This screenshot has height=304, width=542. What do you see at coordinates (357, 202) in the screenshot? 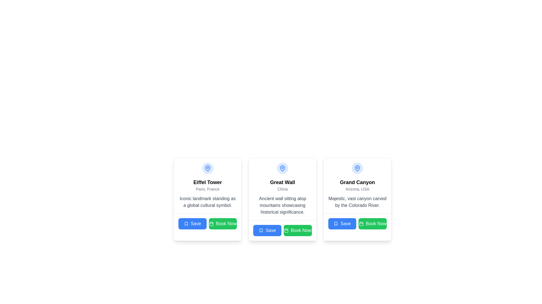
I see `descriptive text label located at the bottom of the card titled 'Grand Canyon', which provides information about the location 'Arizona, USA'` at bounding box center [357, 202].